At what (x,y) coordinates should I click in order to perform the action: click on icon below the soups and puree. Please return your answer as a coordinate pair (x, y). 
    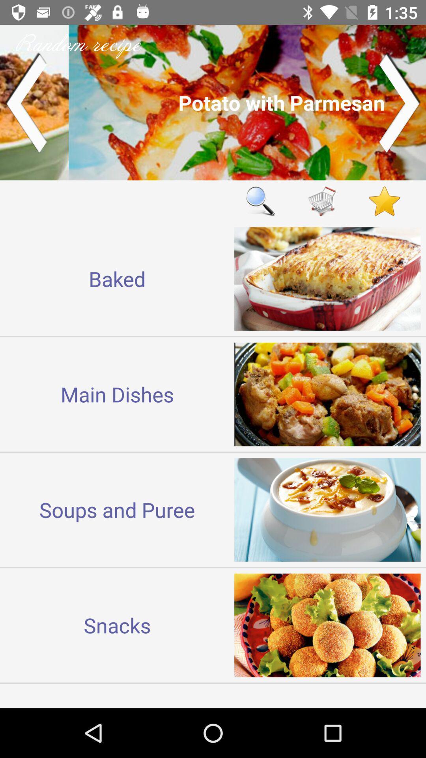
    Looking at the image, I should click on (117, 625).